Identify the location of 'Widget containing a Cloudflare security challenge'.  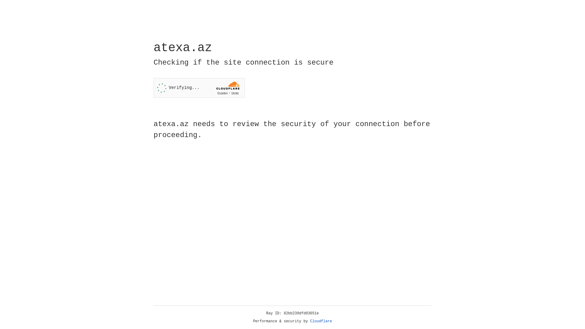
(199, 88).